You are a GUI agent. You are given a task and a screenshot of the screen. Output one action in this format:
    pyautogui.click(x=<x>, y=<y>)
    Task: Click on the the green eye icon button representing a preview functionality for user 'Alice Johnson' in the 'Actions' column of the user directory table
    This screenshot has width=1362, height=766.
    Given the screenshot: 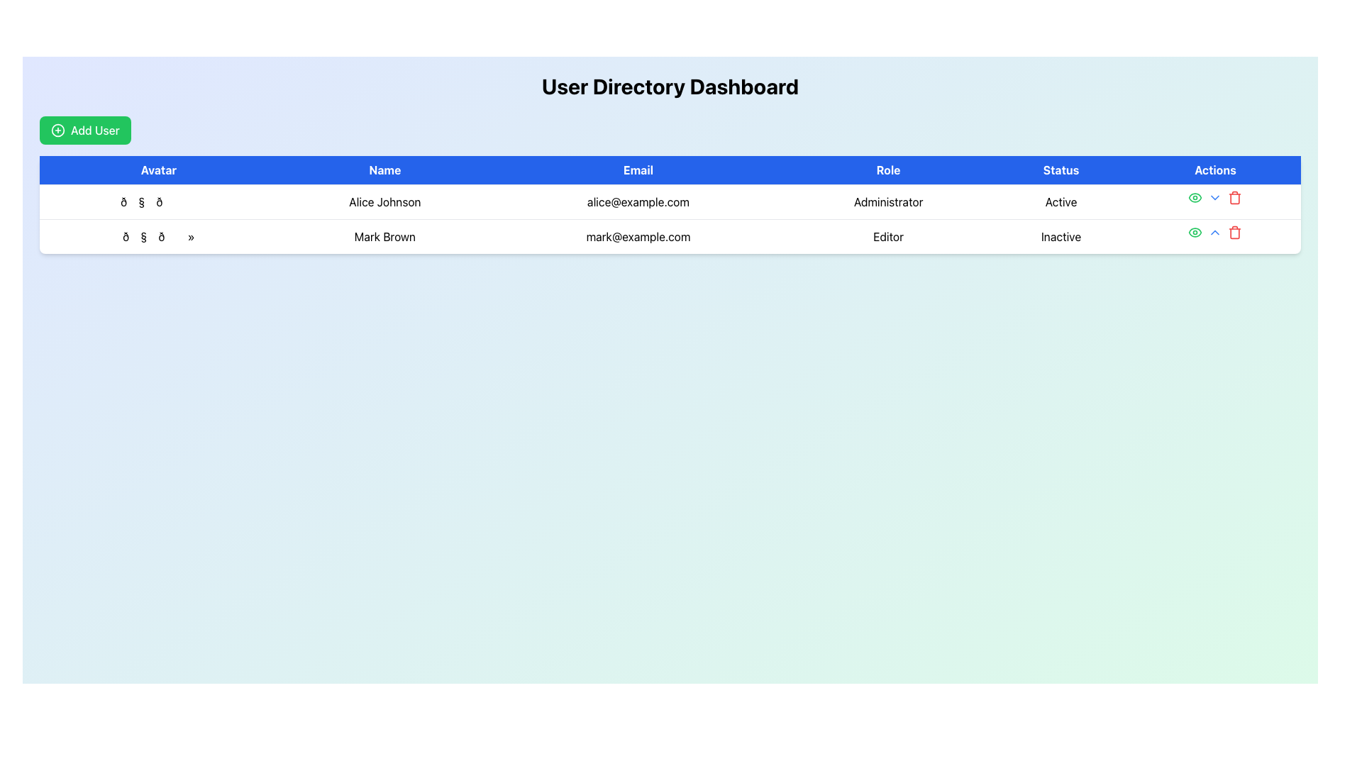 What is the action you would take?
    pyautogui.click(x=1195, y=197)
    